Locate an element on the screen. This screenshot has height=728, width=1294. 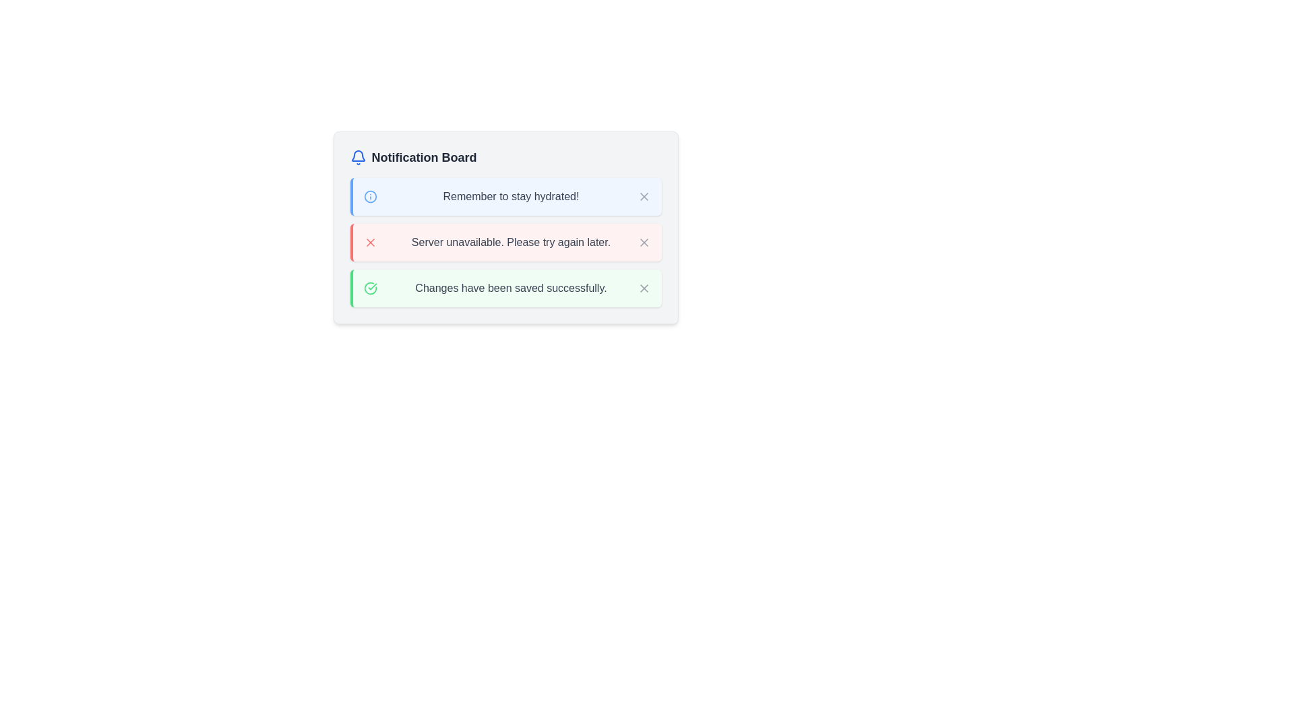
the static text that displays an informative or motivational message within the first notification card on the Notification Board is located at coordinates (510, 197).